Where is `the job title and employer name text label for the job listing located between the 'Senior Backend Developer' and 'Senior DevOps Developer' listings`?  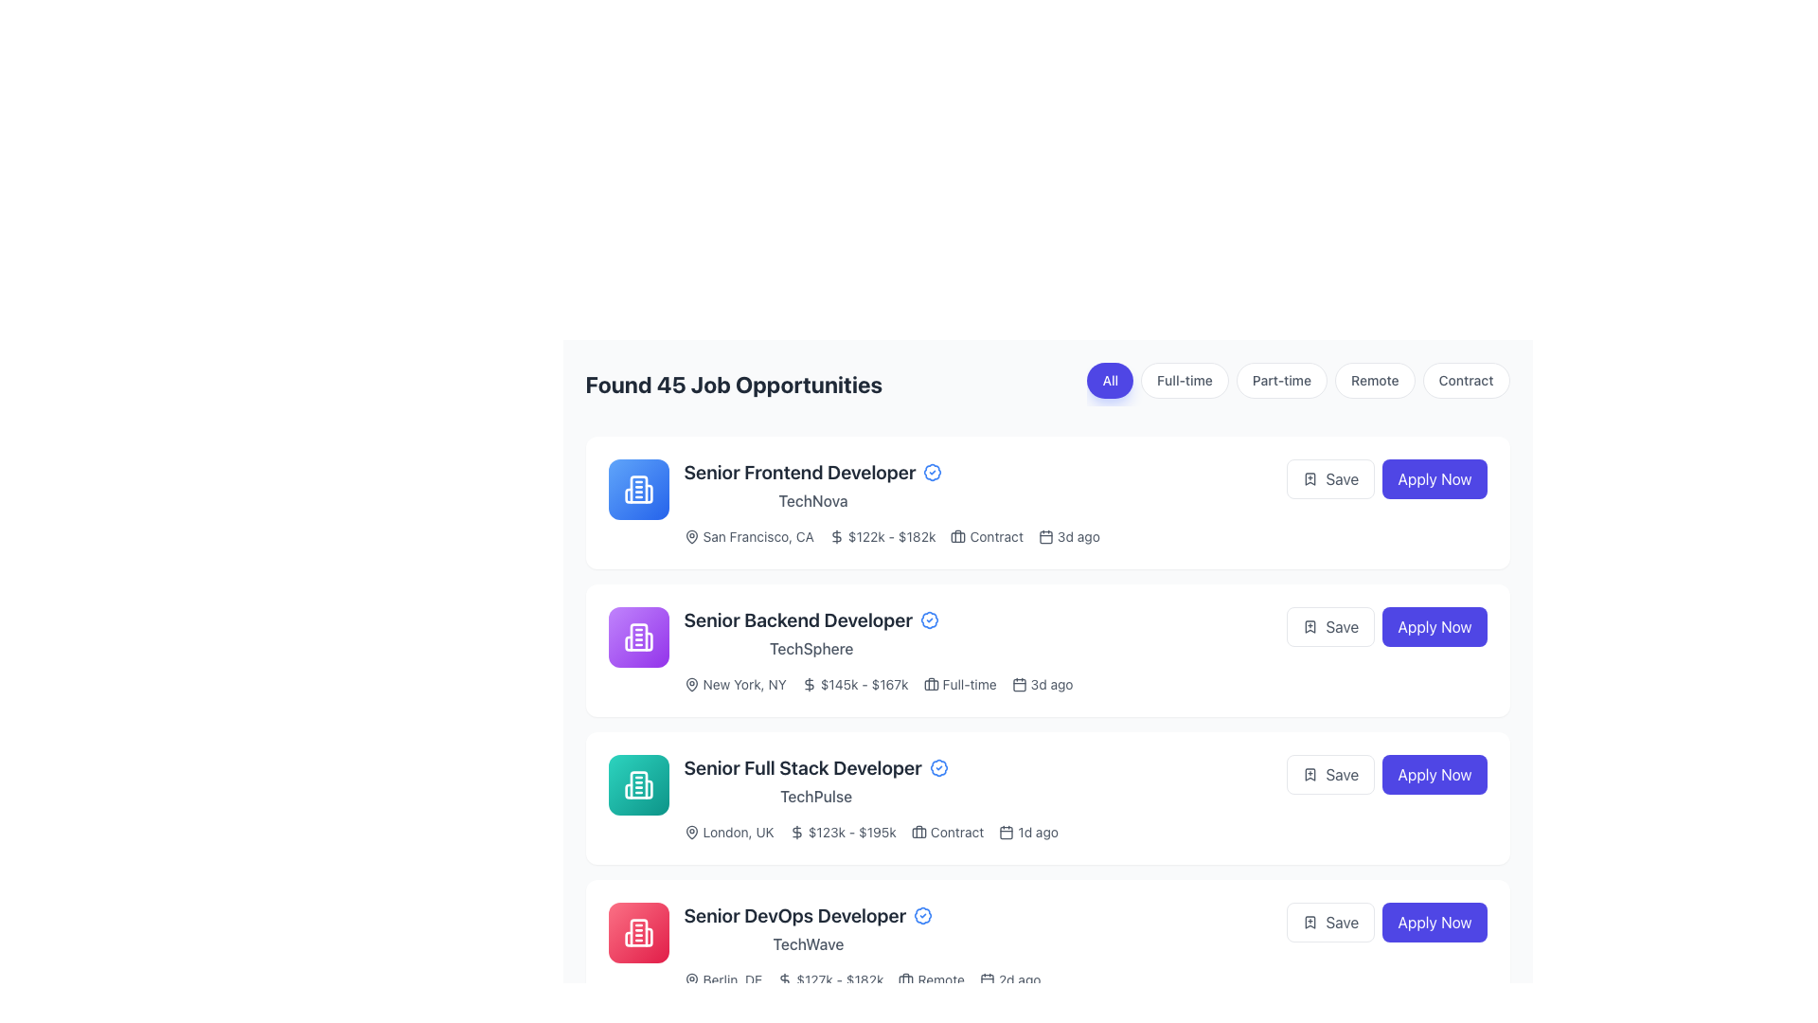 the job title and employer name text label for the job listing located between the 'Senior Backend Developer' and 'Senior DevOps Developer' listings is located at coordinates (816, 781).